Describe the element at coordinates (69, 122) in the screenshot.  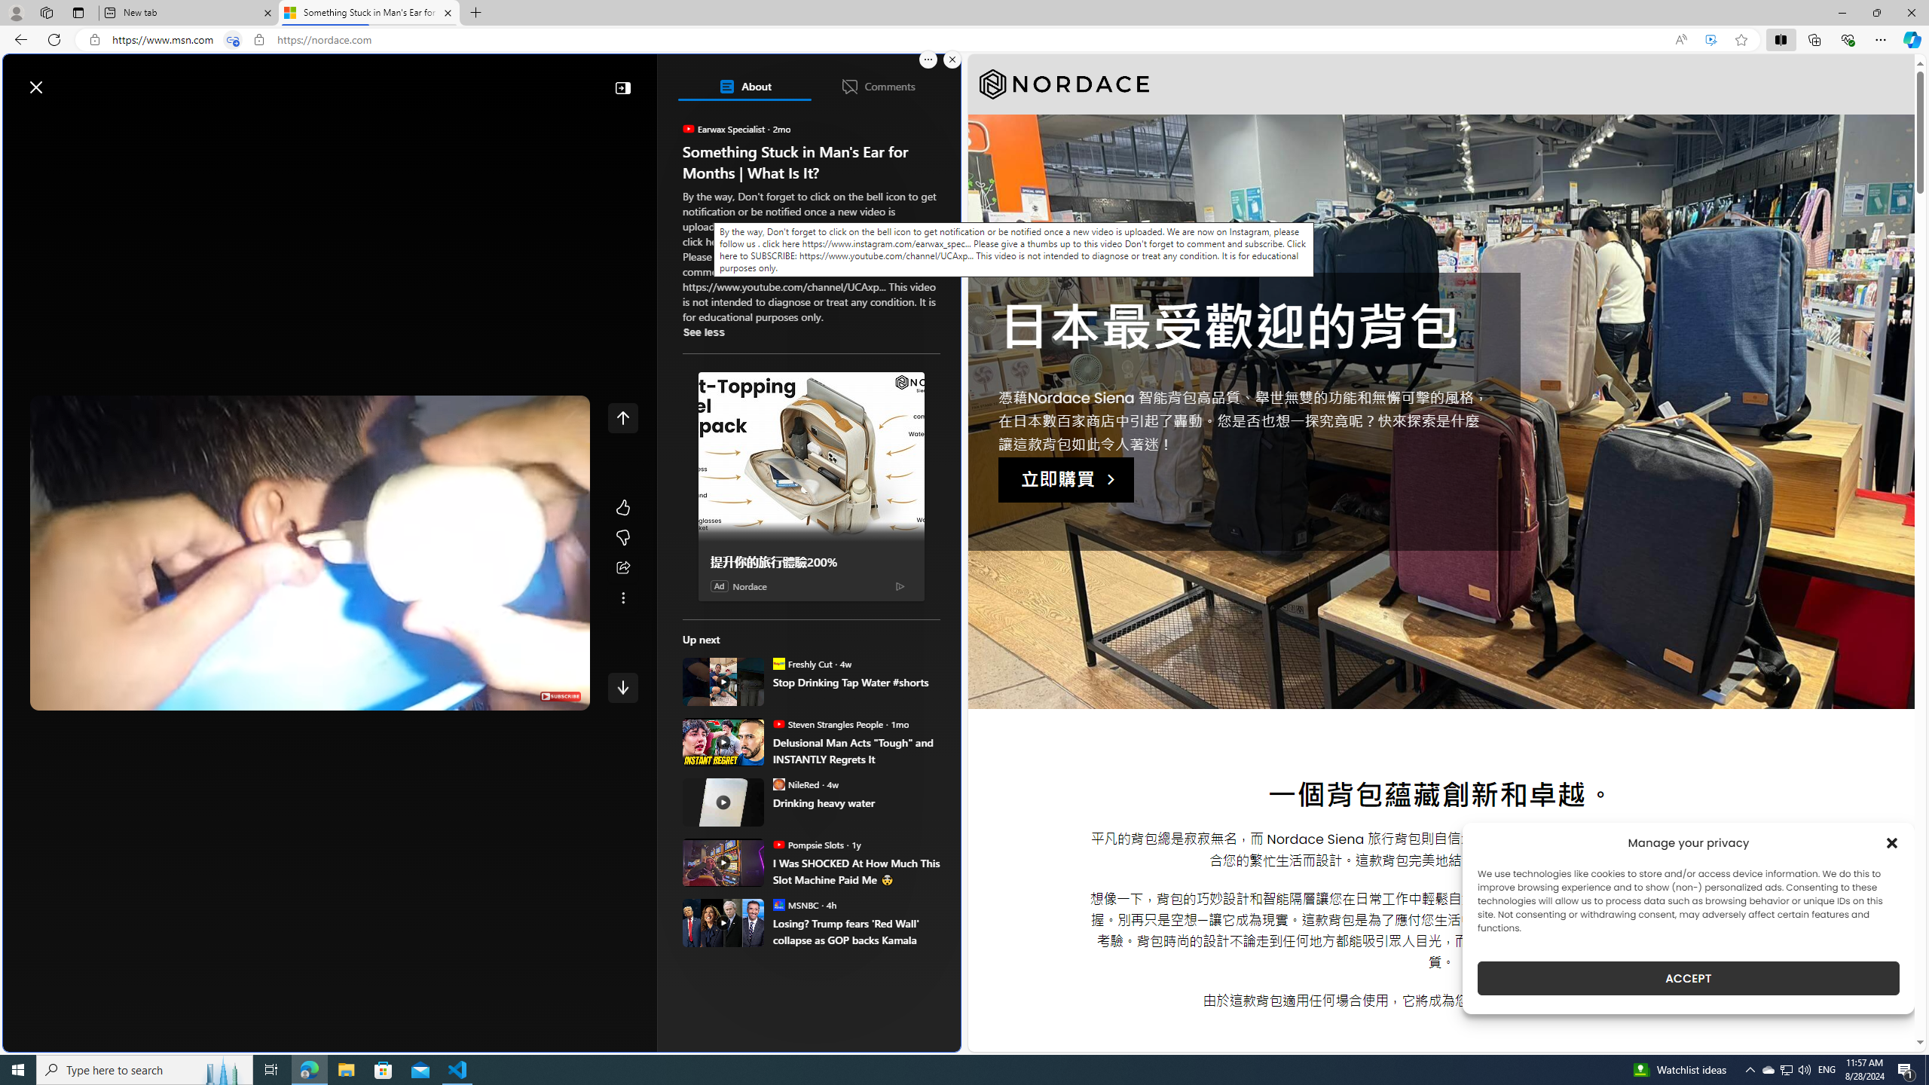
I see `'Discover'` at that location.